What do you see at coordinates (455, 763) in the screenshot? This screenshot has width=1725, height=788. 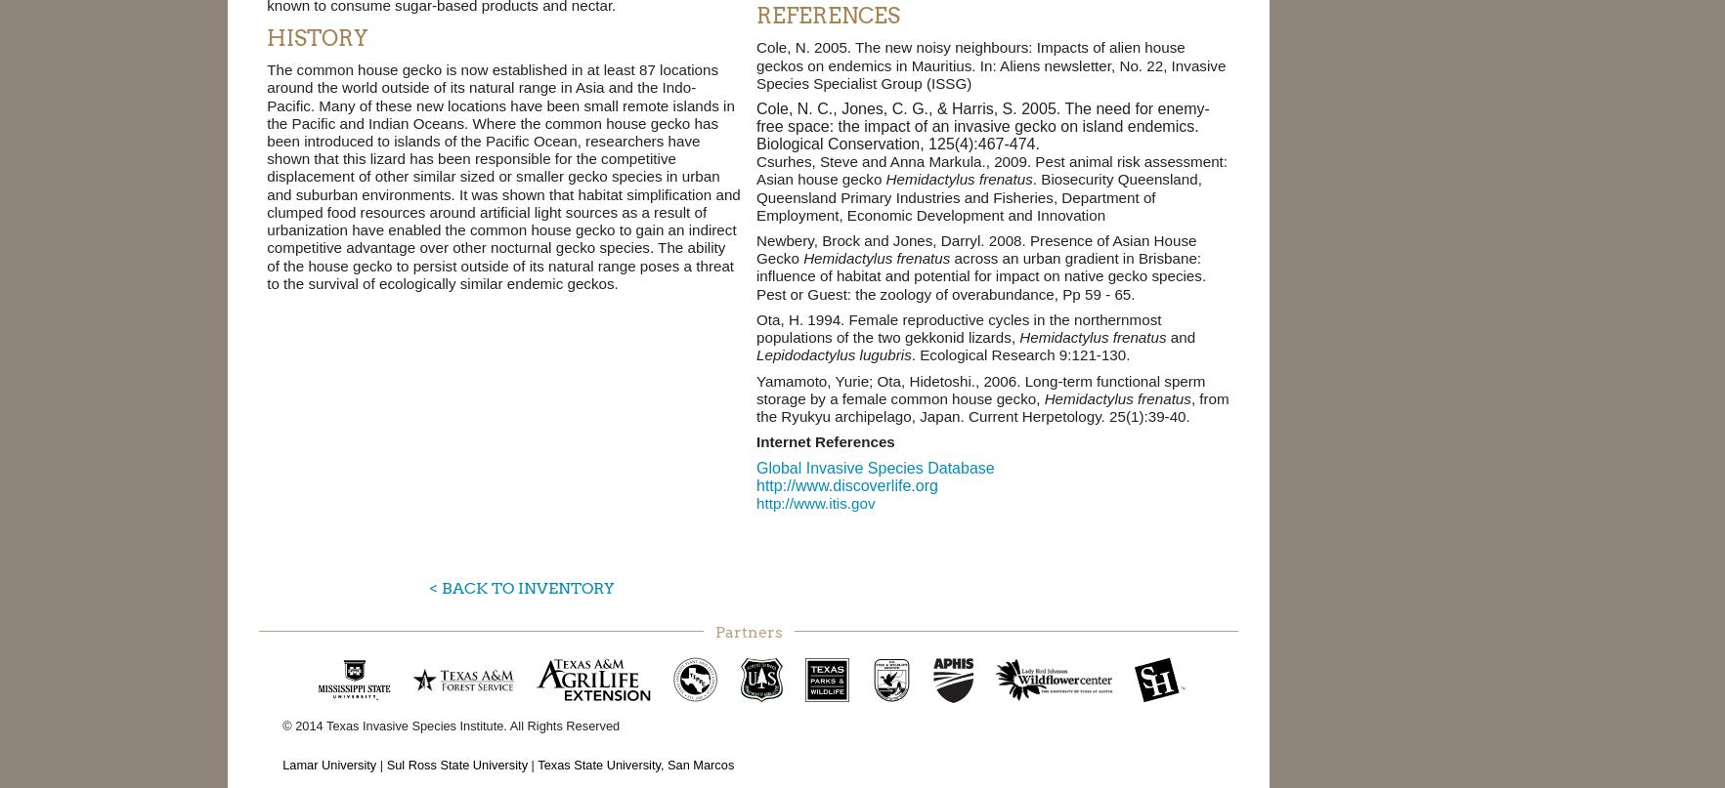 I see `'Sul Ross State University'` at bounding box center [455, 763].